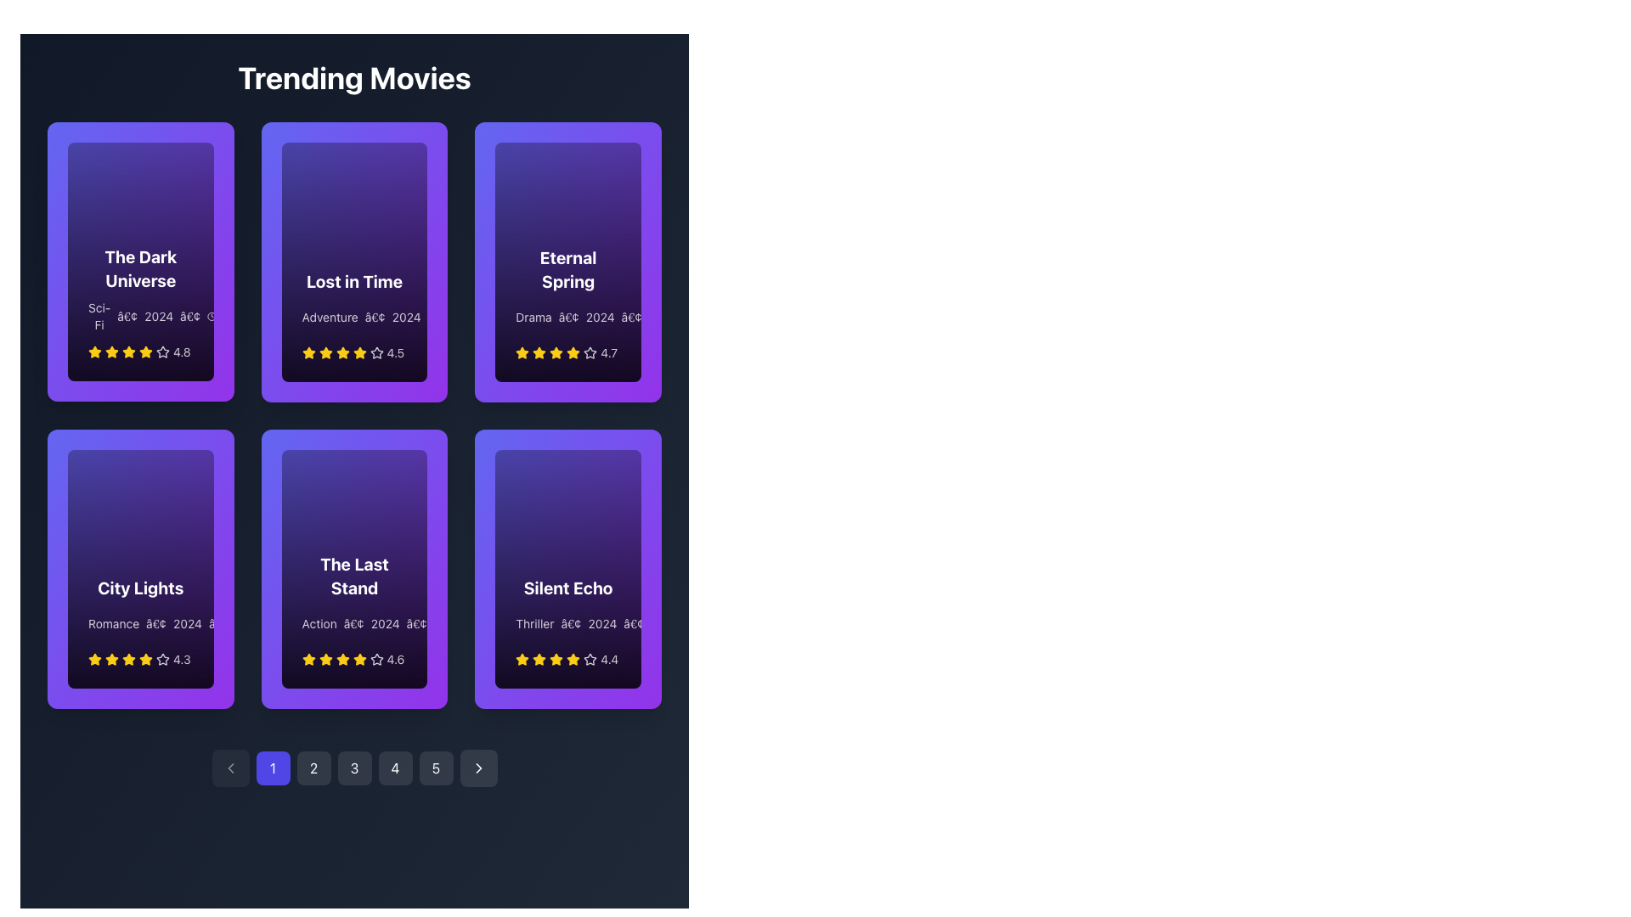  What do you see at coordinates (387, 464) in the screenshot?
I see `the decorative vector graphic circle element located within the card labeled 'The Last Stand' in the second row and middle column of a 3x2 grid layout` at bounding box center [387, 464].